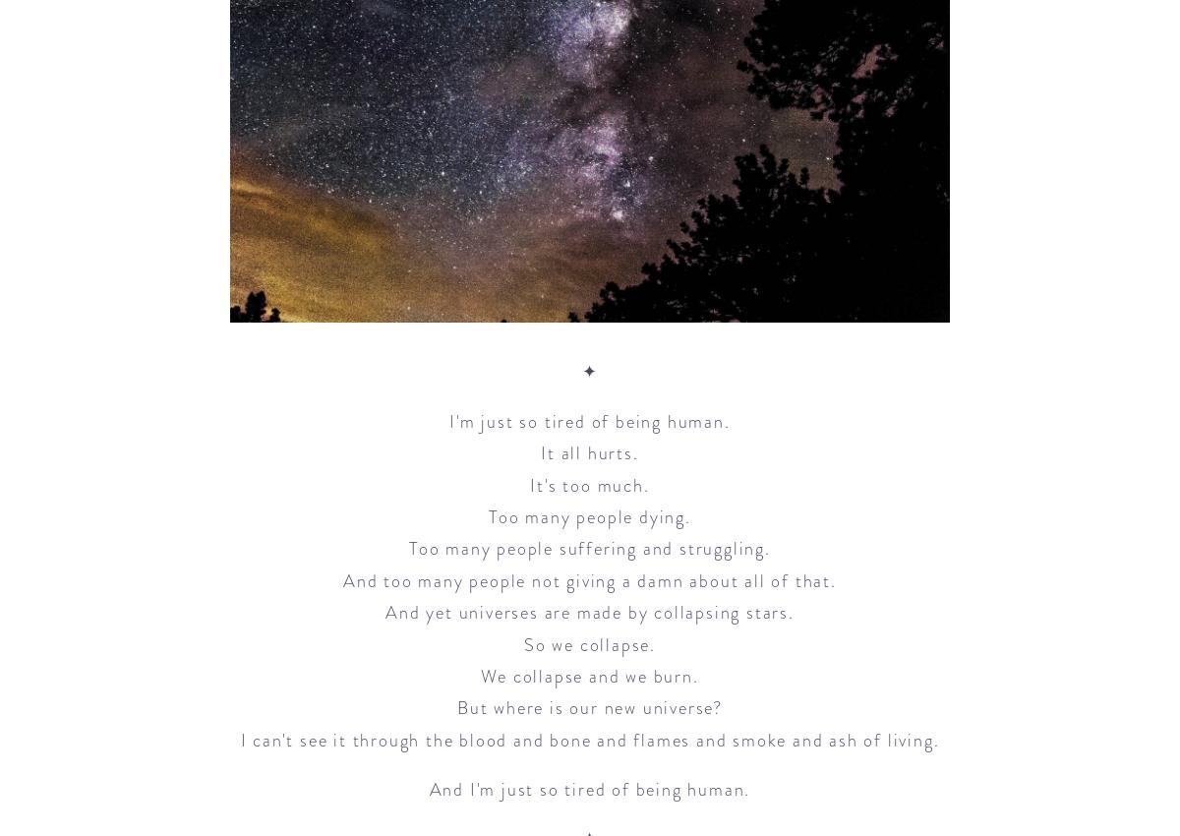 This screenshot has width=1180, height=836. I want to click on 'And I'm just so tired of being human.', so click(588, 788).